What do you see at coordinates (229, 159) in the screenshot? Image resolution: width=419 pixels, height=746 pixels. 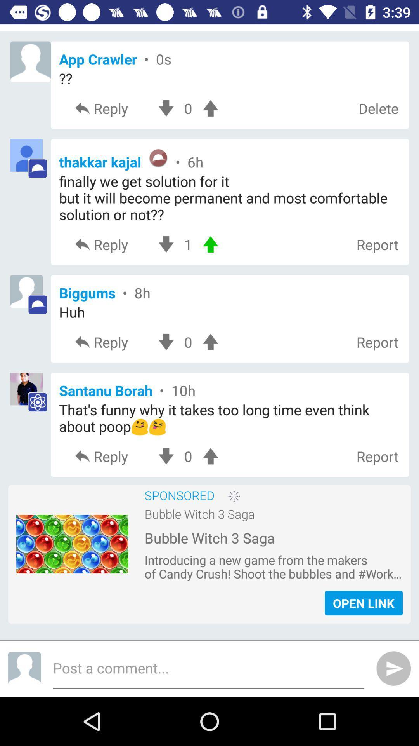 I see `the text thakkar kajal` at bounding box center [229, 159].